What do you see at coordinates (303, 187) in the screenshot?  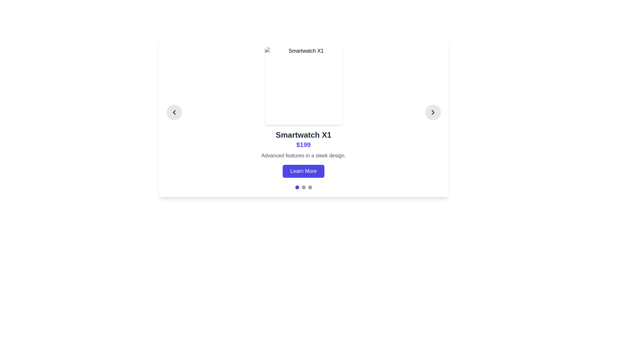 I see `the second gray dot of the Carousel position indicator, which consists of three circular dots arranged horizontally` at bounding box center [303, 187].